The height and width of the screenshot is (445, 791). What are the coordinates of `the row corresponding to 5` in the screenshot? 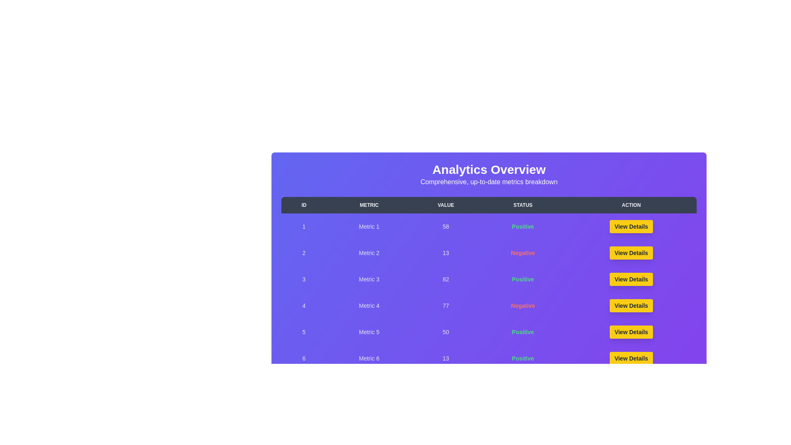 It's located at (489, 332).